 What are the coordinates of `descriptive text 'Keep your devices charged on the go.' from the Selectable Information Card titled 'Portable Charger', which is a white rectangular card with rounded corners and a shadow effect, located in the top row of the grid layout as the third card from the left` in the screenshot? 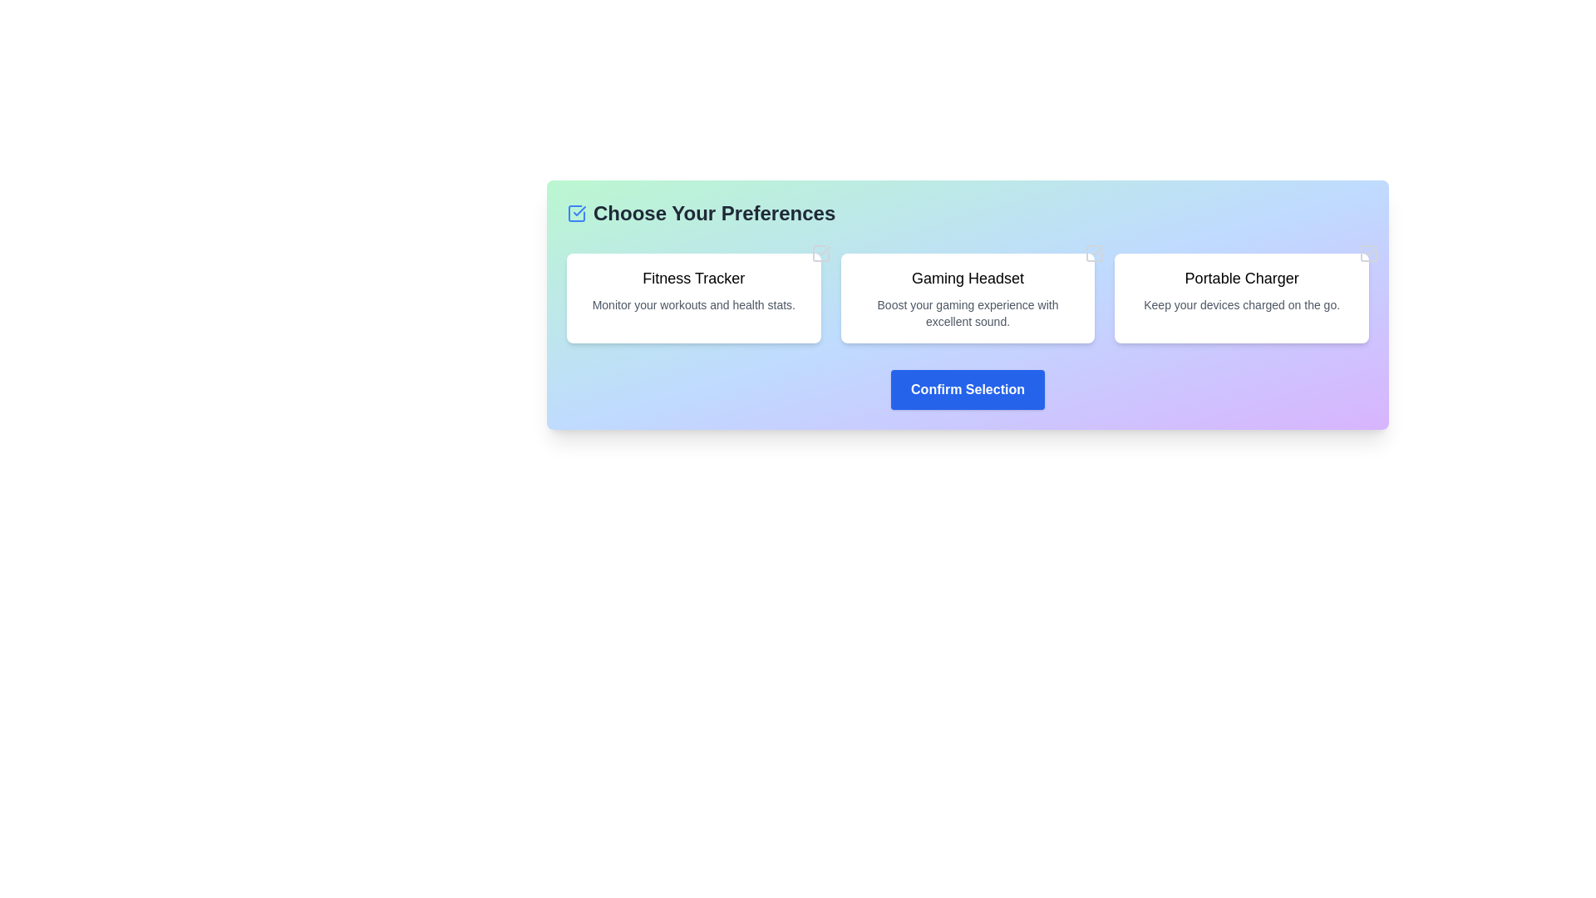 It's located at (1242, 297).